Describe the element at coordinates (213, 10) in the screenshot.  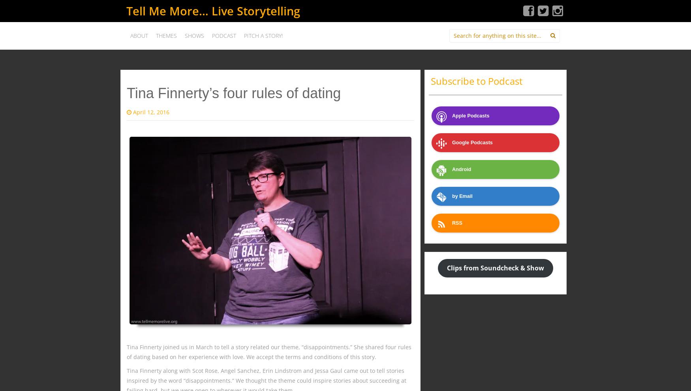
I see `'Tell Me More… Live Storytelling'` at that location.